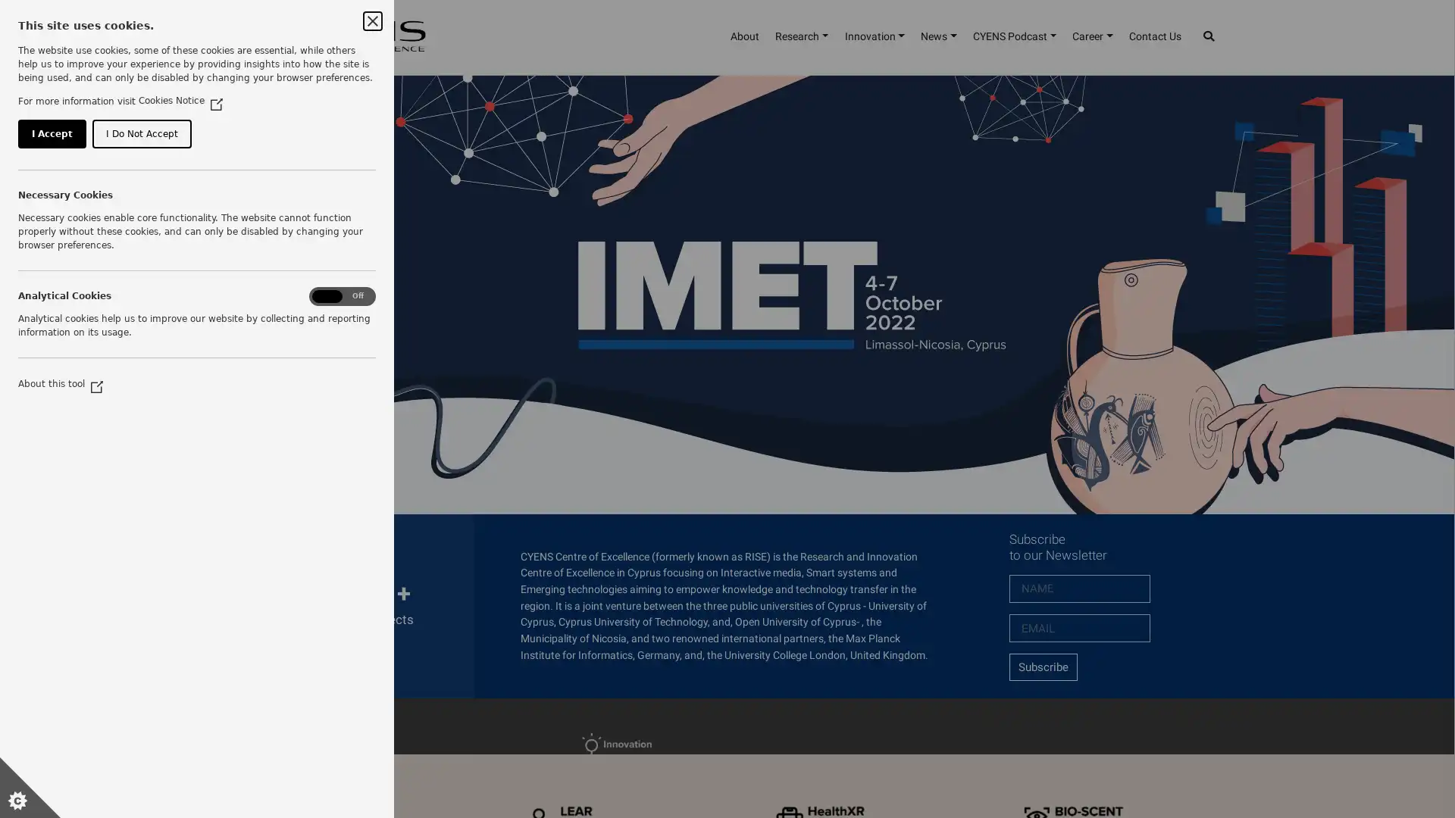 The image size is (1455, 818). I want to click on I Accept, so click(58, 204).